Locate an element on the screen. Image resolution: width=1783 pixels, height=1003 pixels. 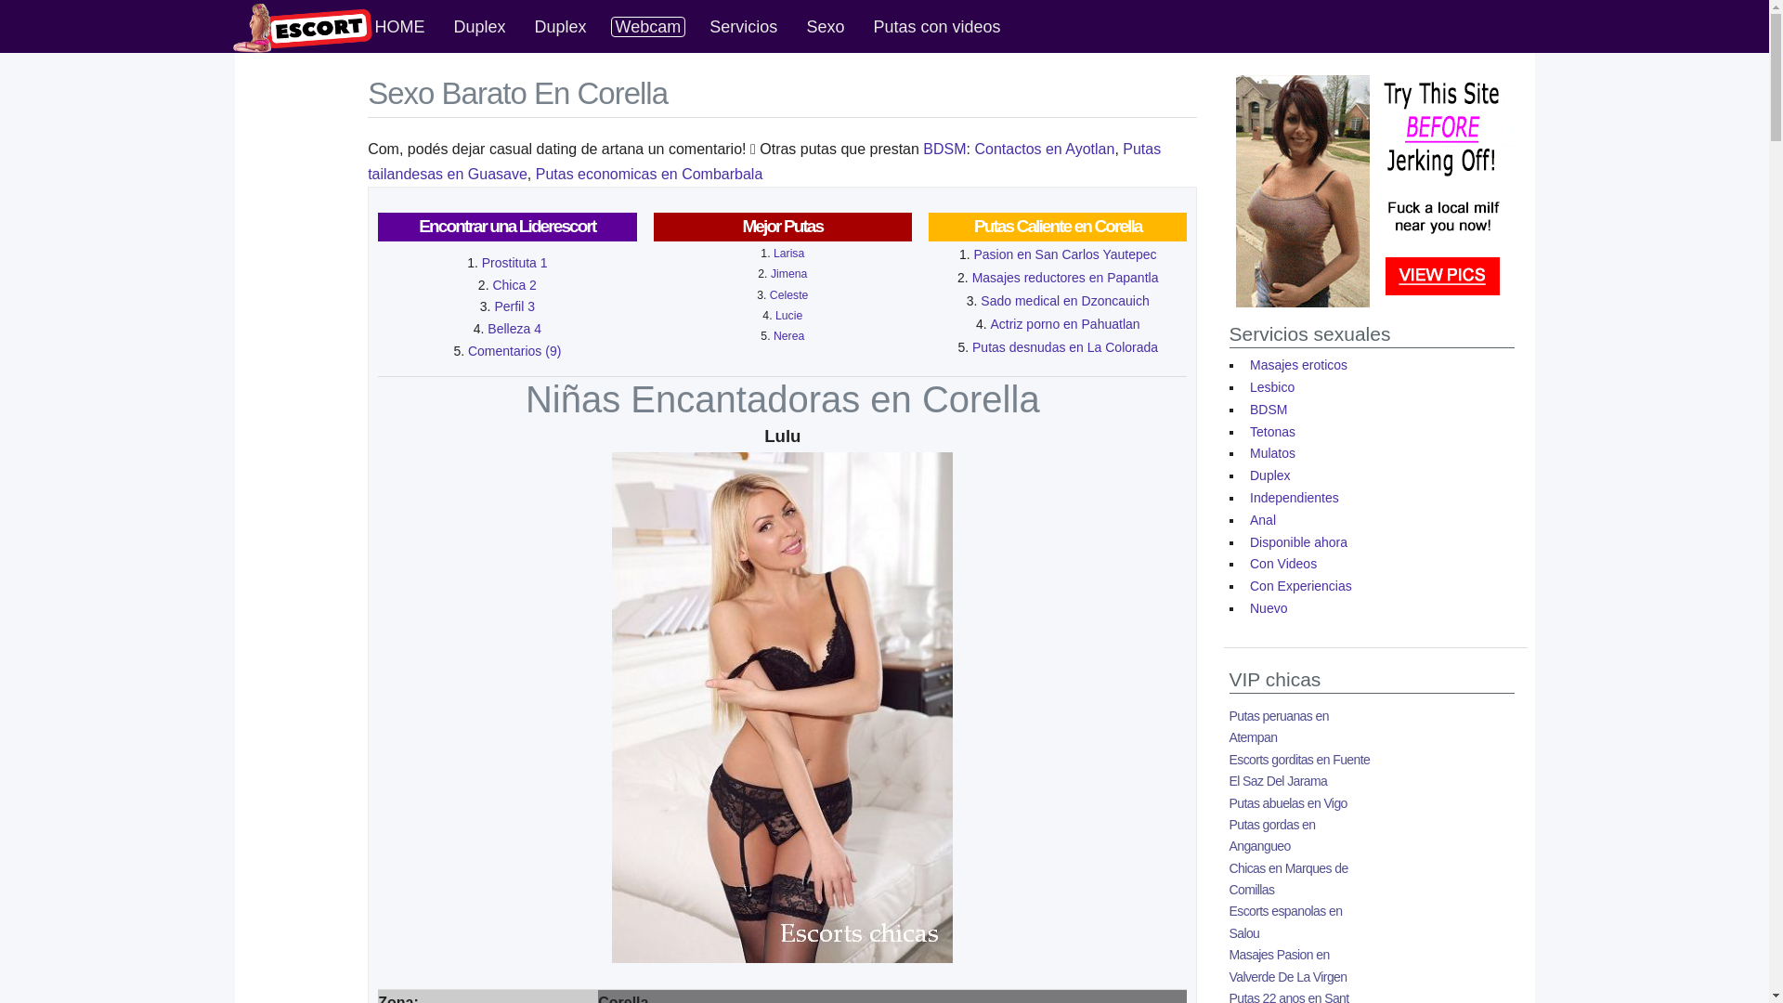
'Larisa' is located at coordinates (788, 254).